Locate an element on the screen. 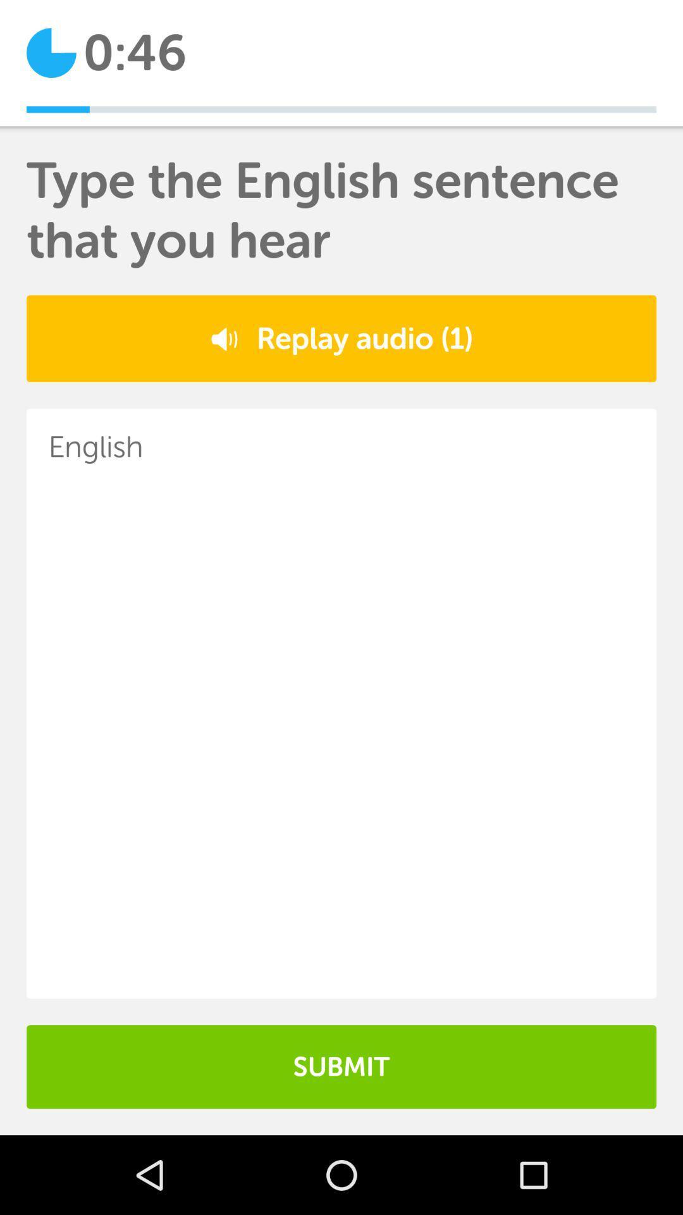 This screenshot has width=683, height=1215. the submit icon is located at coordinates (341, 1066).